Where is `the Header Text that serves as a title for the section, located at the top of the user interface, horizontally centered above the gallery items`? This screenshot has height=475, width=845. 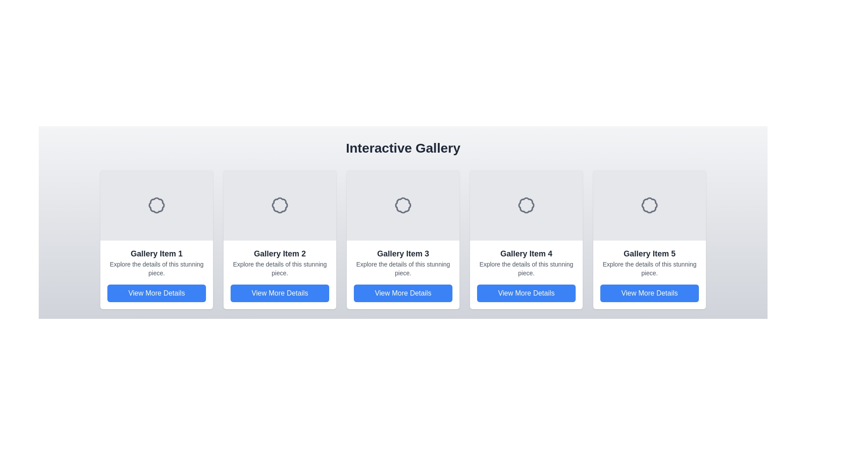
the Header Text that serves as a title for the section, located at the top of the user interface, horizontally centered above the gallery items is located at coordinates (403, 147).